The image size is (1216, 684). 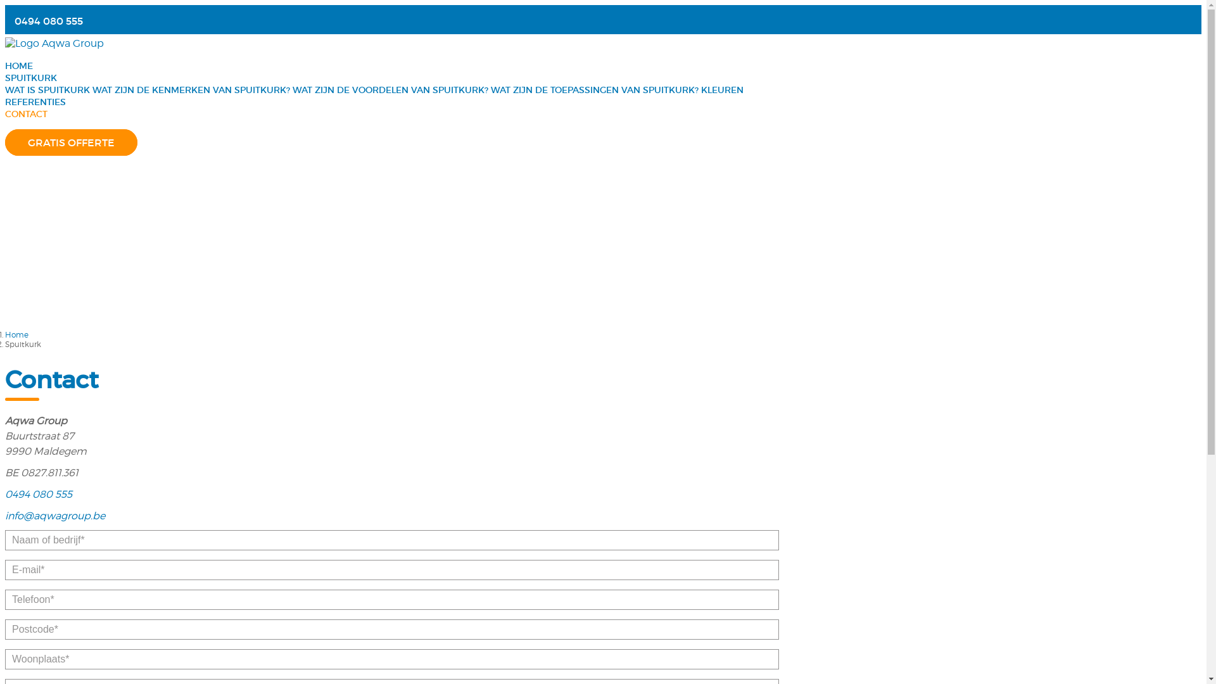 I want to click on 'REFERENTIES', so click(x=35, y=101).